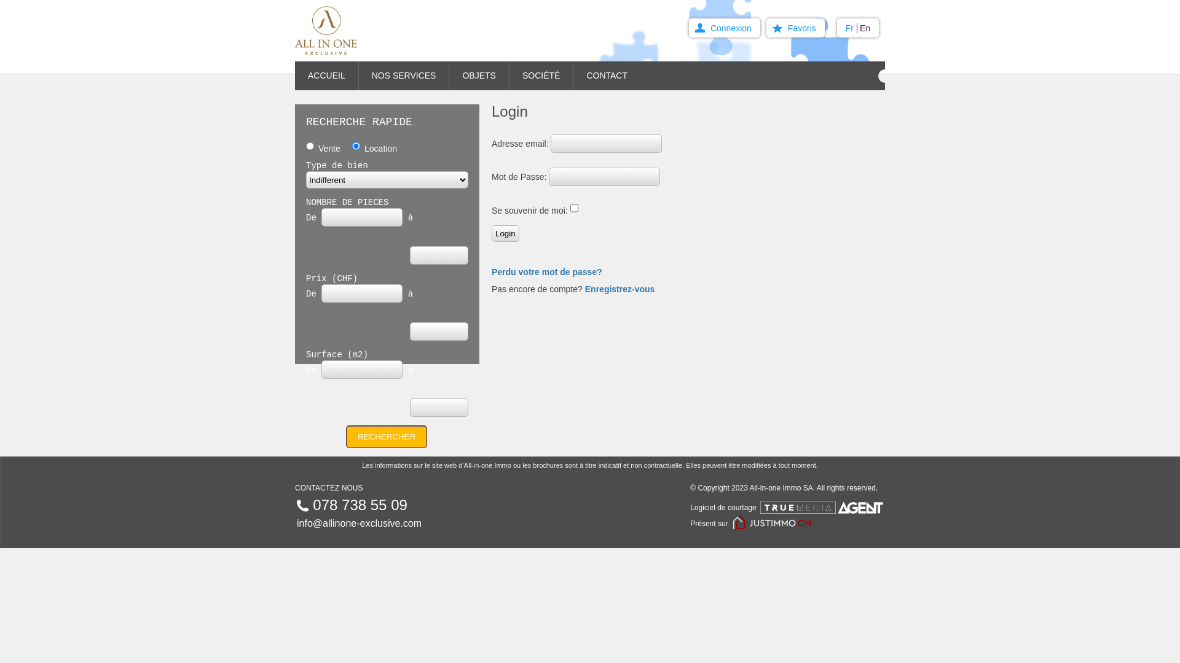 The image size is (1180, 663). Describe the element at coordinates (358, 523) in the screenshot. I see `'info@allinone-exclusive.com'` at that location.